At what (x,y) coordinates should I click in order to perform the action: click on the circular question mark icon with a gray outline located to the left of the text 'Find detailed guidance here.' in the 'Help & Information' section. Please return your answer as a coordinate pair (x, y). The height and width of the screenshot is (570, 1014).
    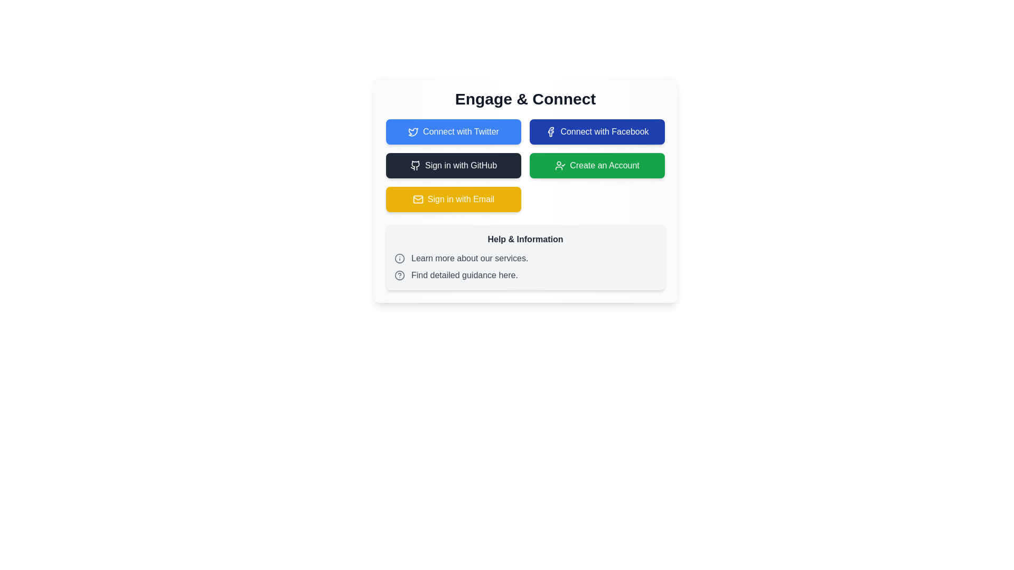
    Looking at the image, I should click on (399, 274).